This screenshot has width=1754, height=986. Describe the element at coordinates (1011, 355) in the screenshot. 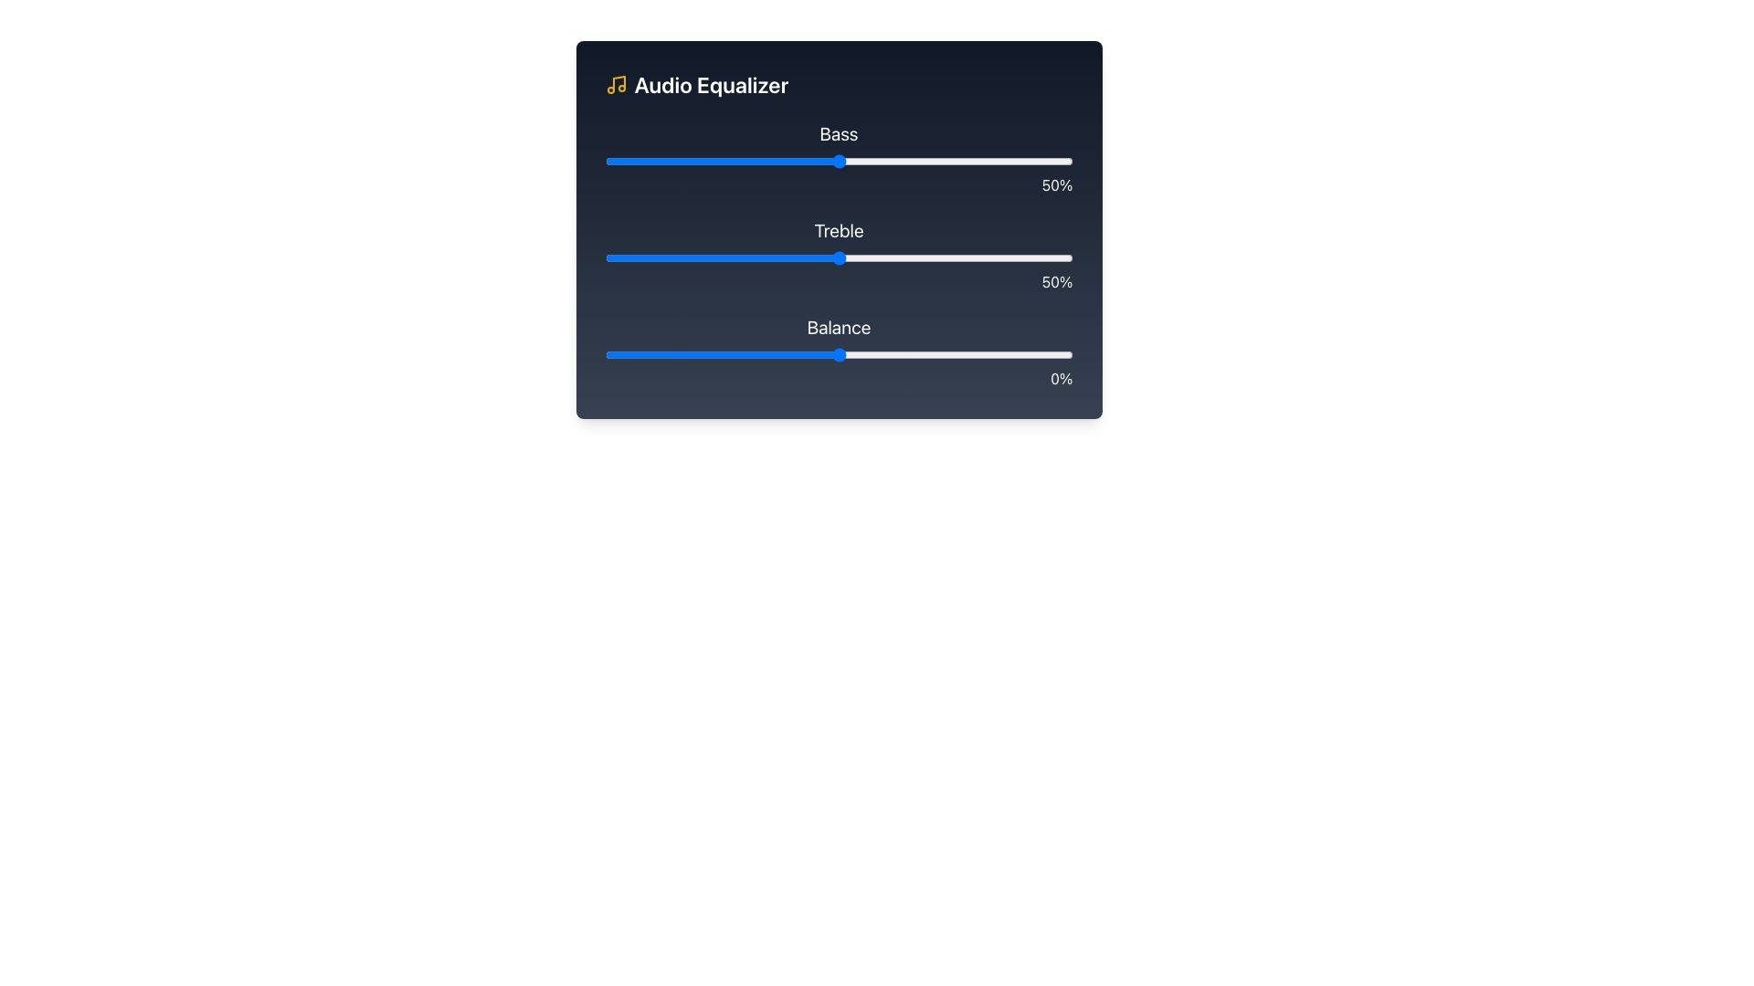

I see `balance` at that location.